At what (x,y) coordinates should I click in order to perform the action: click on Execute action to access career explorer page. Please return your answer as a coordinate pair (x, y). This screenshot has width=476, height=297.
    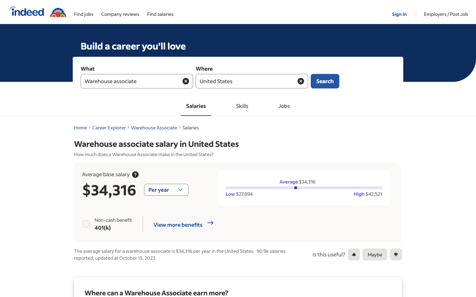
    Looking at the image, I should click on (109, 127).